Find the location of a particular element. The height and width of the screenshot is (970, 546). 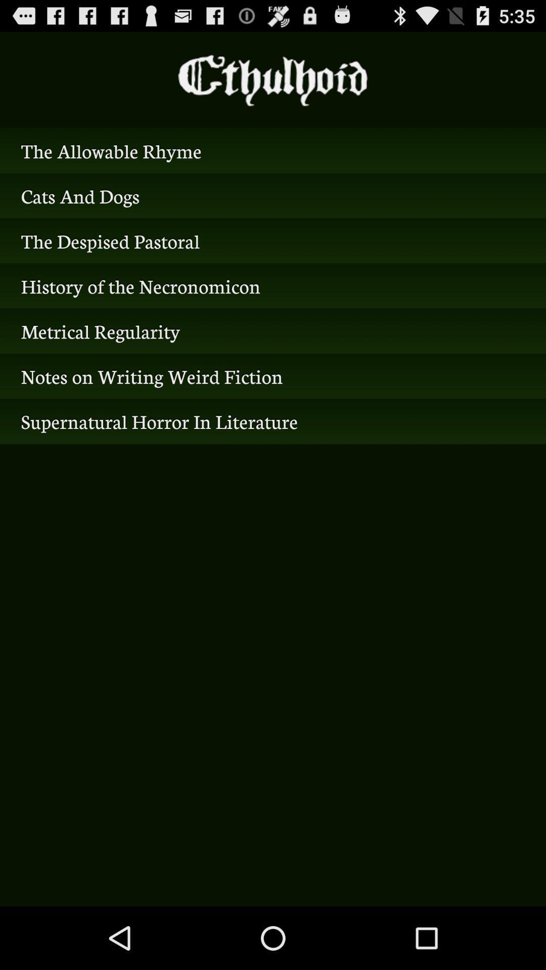

the item below the allowable rhyme item is located at coordinates (273, 196).